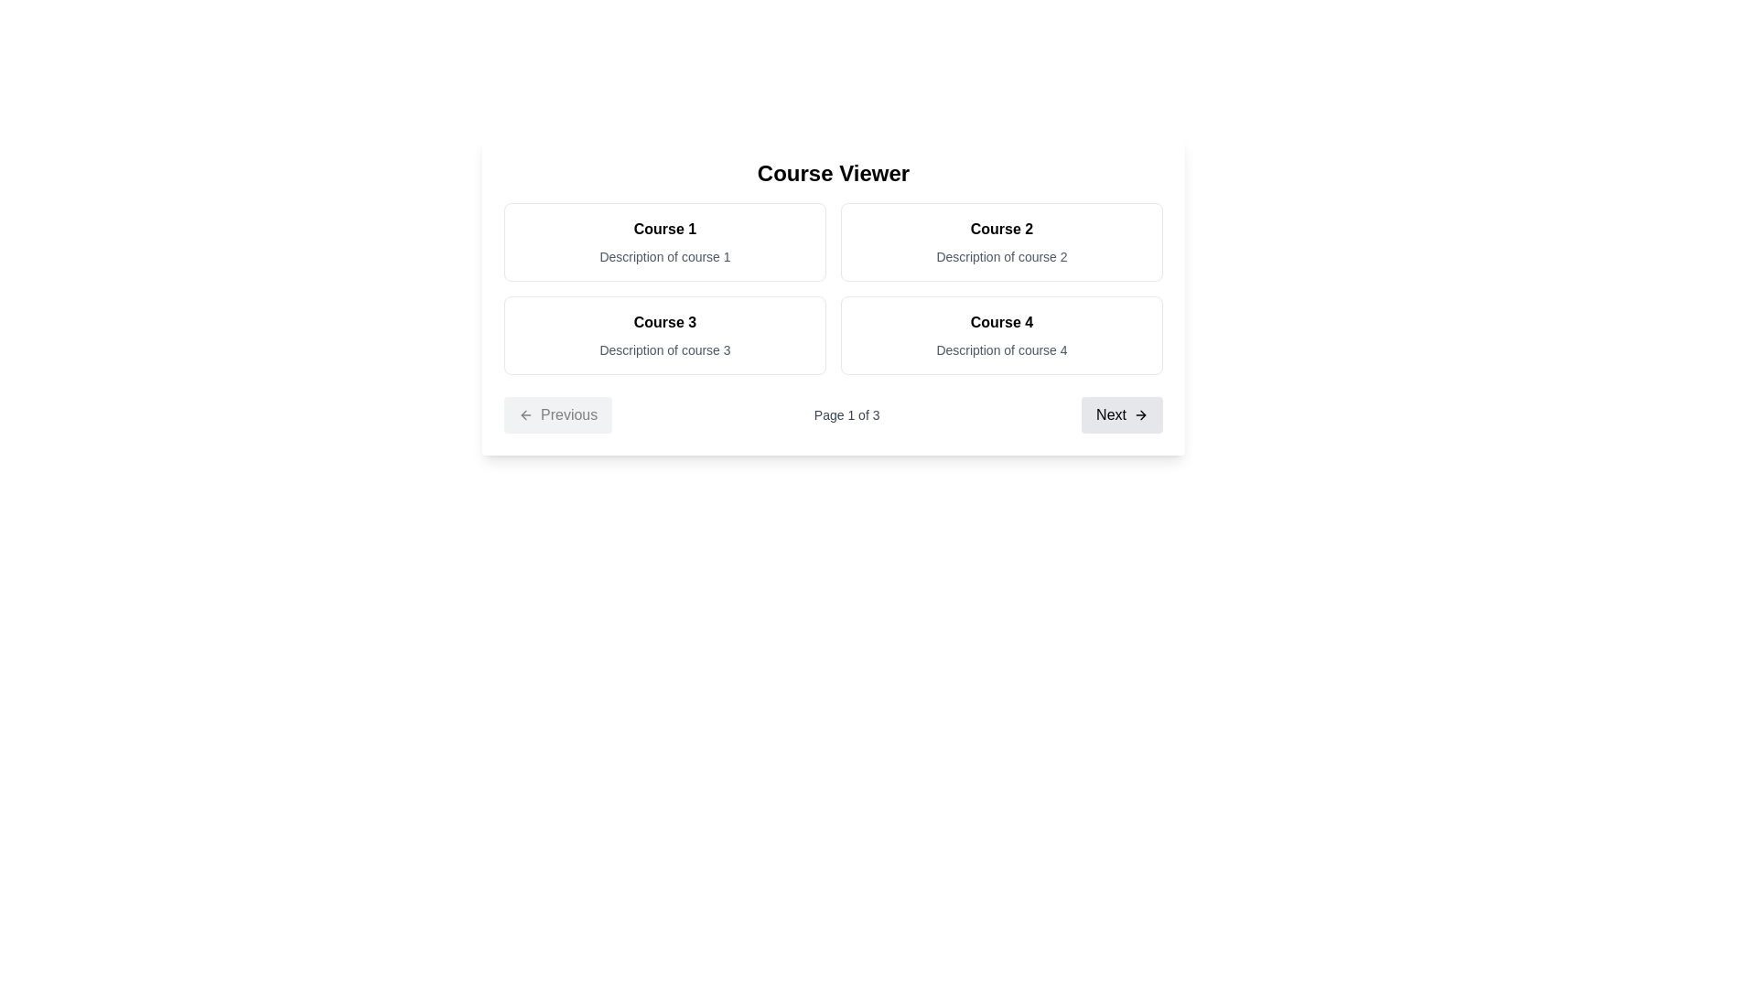 Image resolution: width=1757 pixels, height=988 pixels. What do you see at coordinates (1000, 349) in the screenshot?
I see `the text label displaying 'Description of course 4', which is located below the 'Course 4' title within a bordered, rounded rectangular card in the bottom-right corner of a 2x2 grid of course cards` at bounding box center [1000, 349].